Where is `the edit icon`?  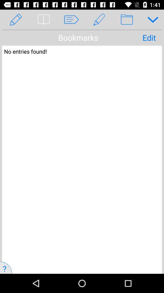 the edit icon is located at coordinates (99, 20).